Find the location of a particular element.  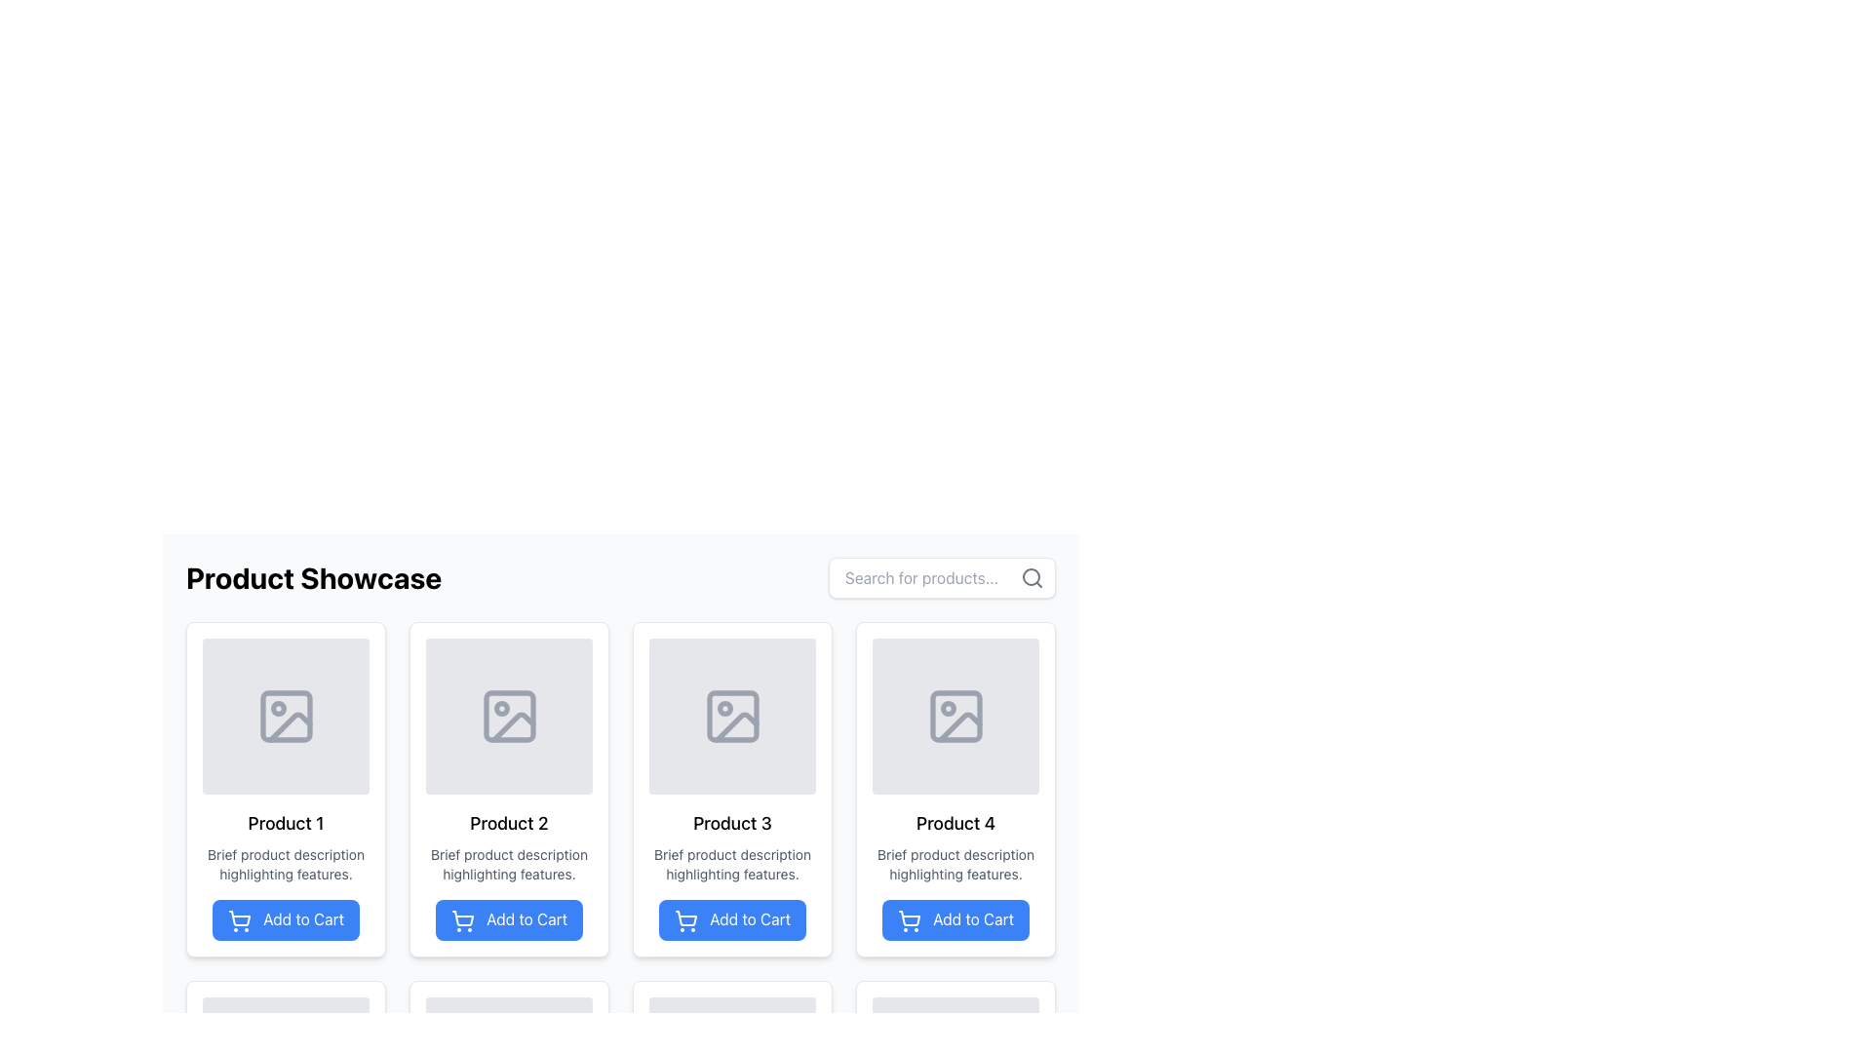

the button located at the bottom of the 'Product 2' card is located at coordinates (509, 919).